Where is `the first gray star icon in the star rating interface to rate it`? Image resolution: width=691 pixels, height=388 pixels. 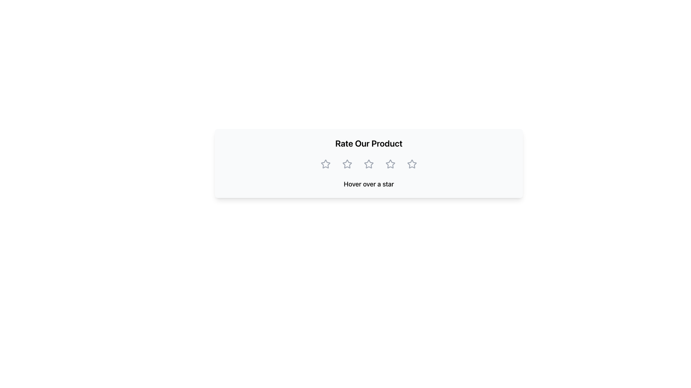 the first gray star icon in the star rating interface to rate it is located at coordinates (325, 164).